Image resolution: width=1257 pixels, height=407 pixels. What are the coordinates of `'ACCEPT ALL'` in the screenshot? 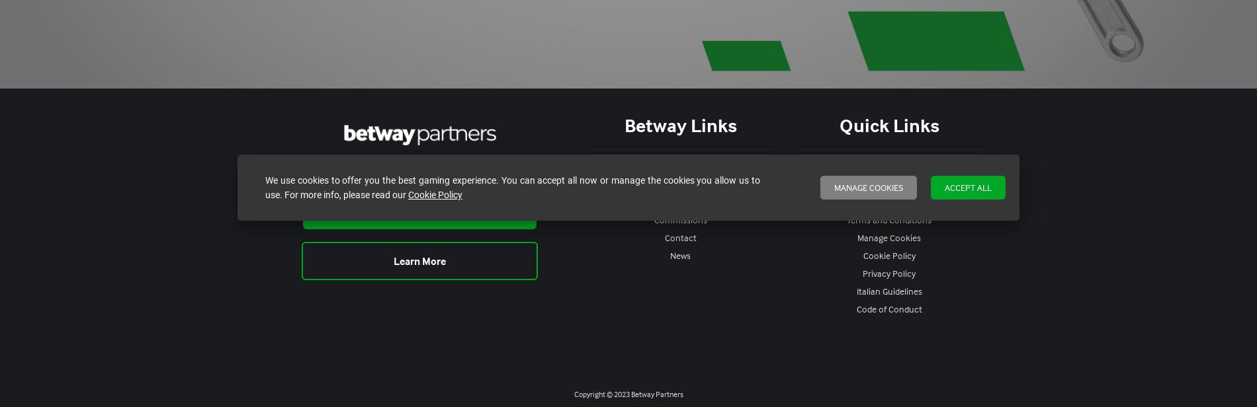 It's located at (968, 187).